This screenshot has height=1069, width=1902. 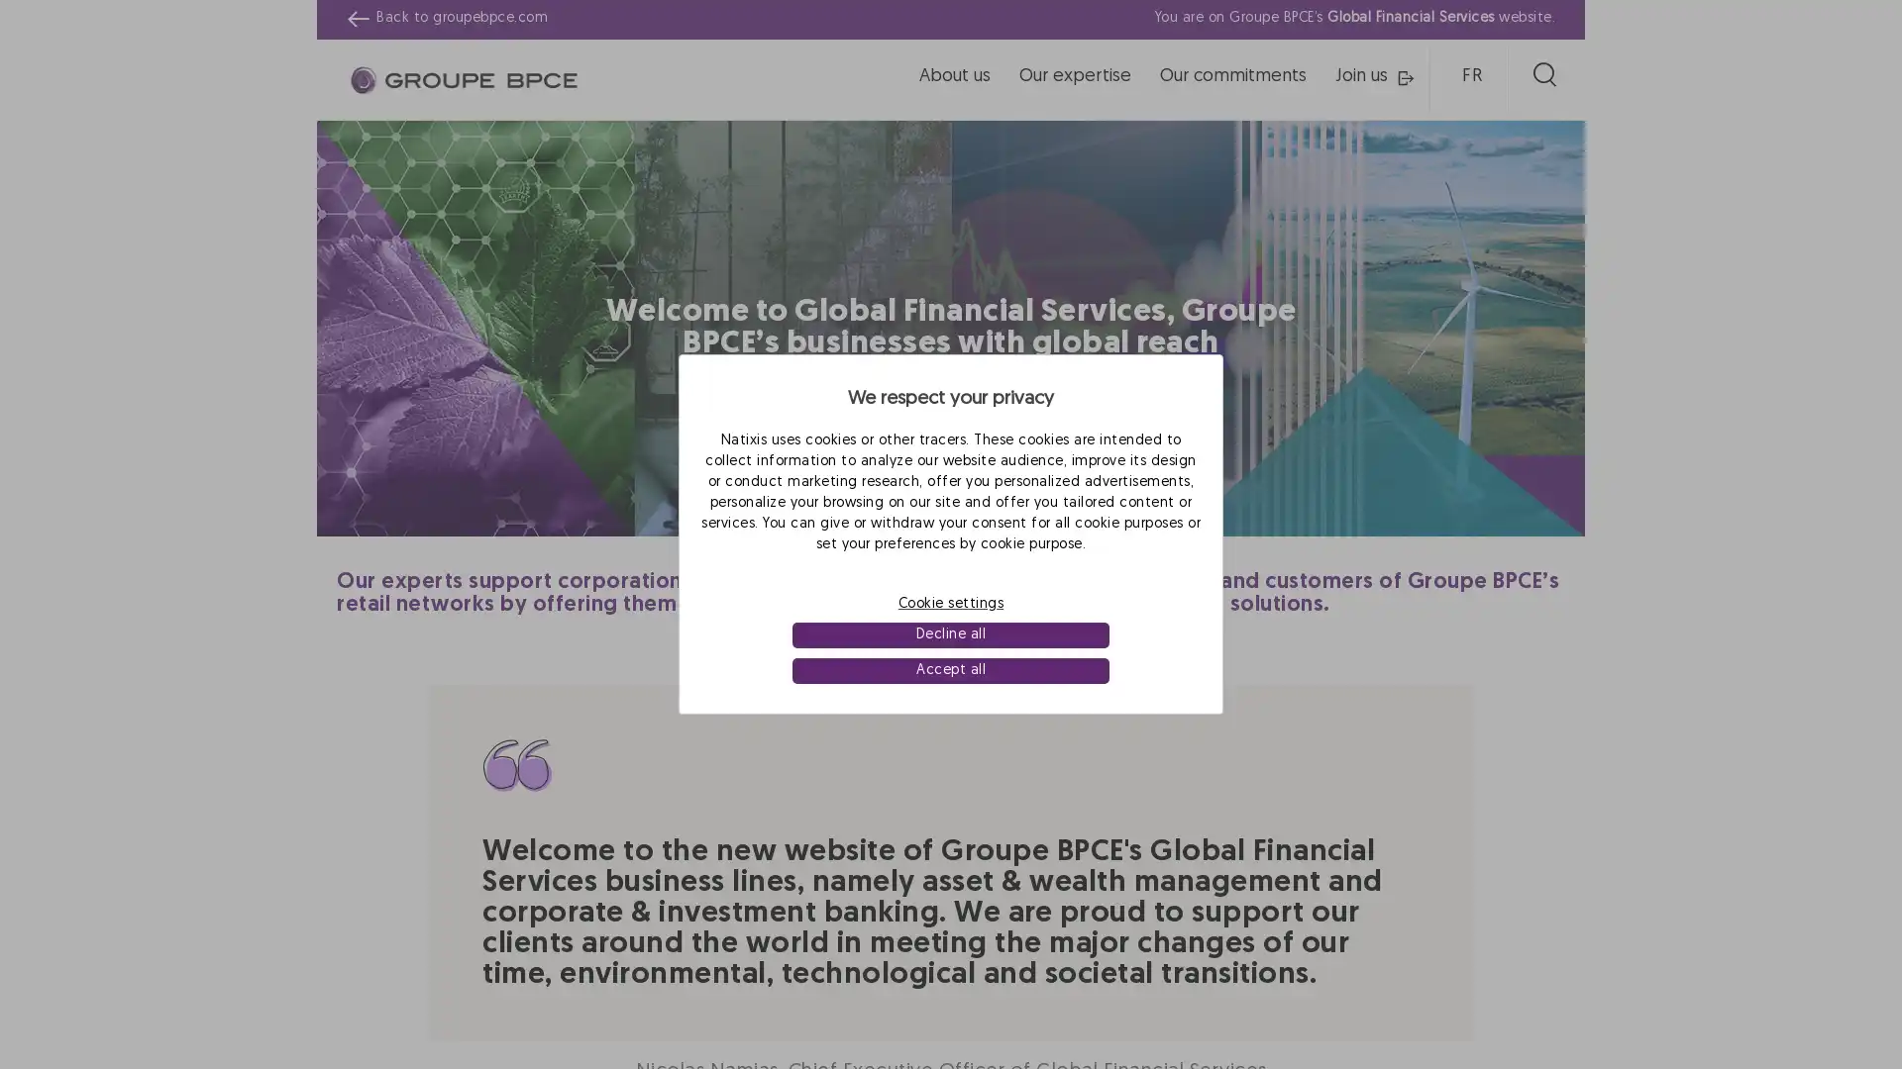 I want to click on Accept all, so click(x=949, y=670).